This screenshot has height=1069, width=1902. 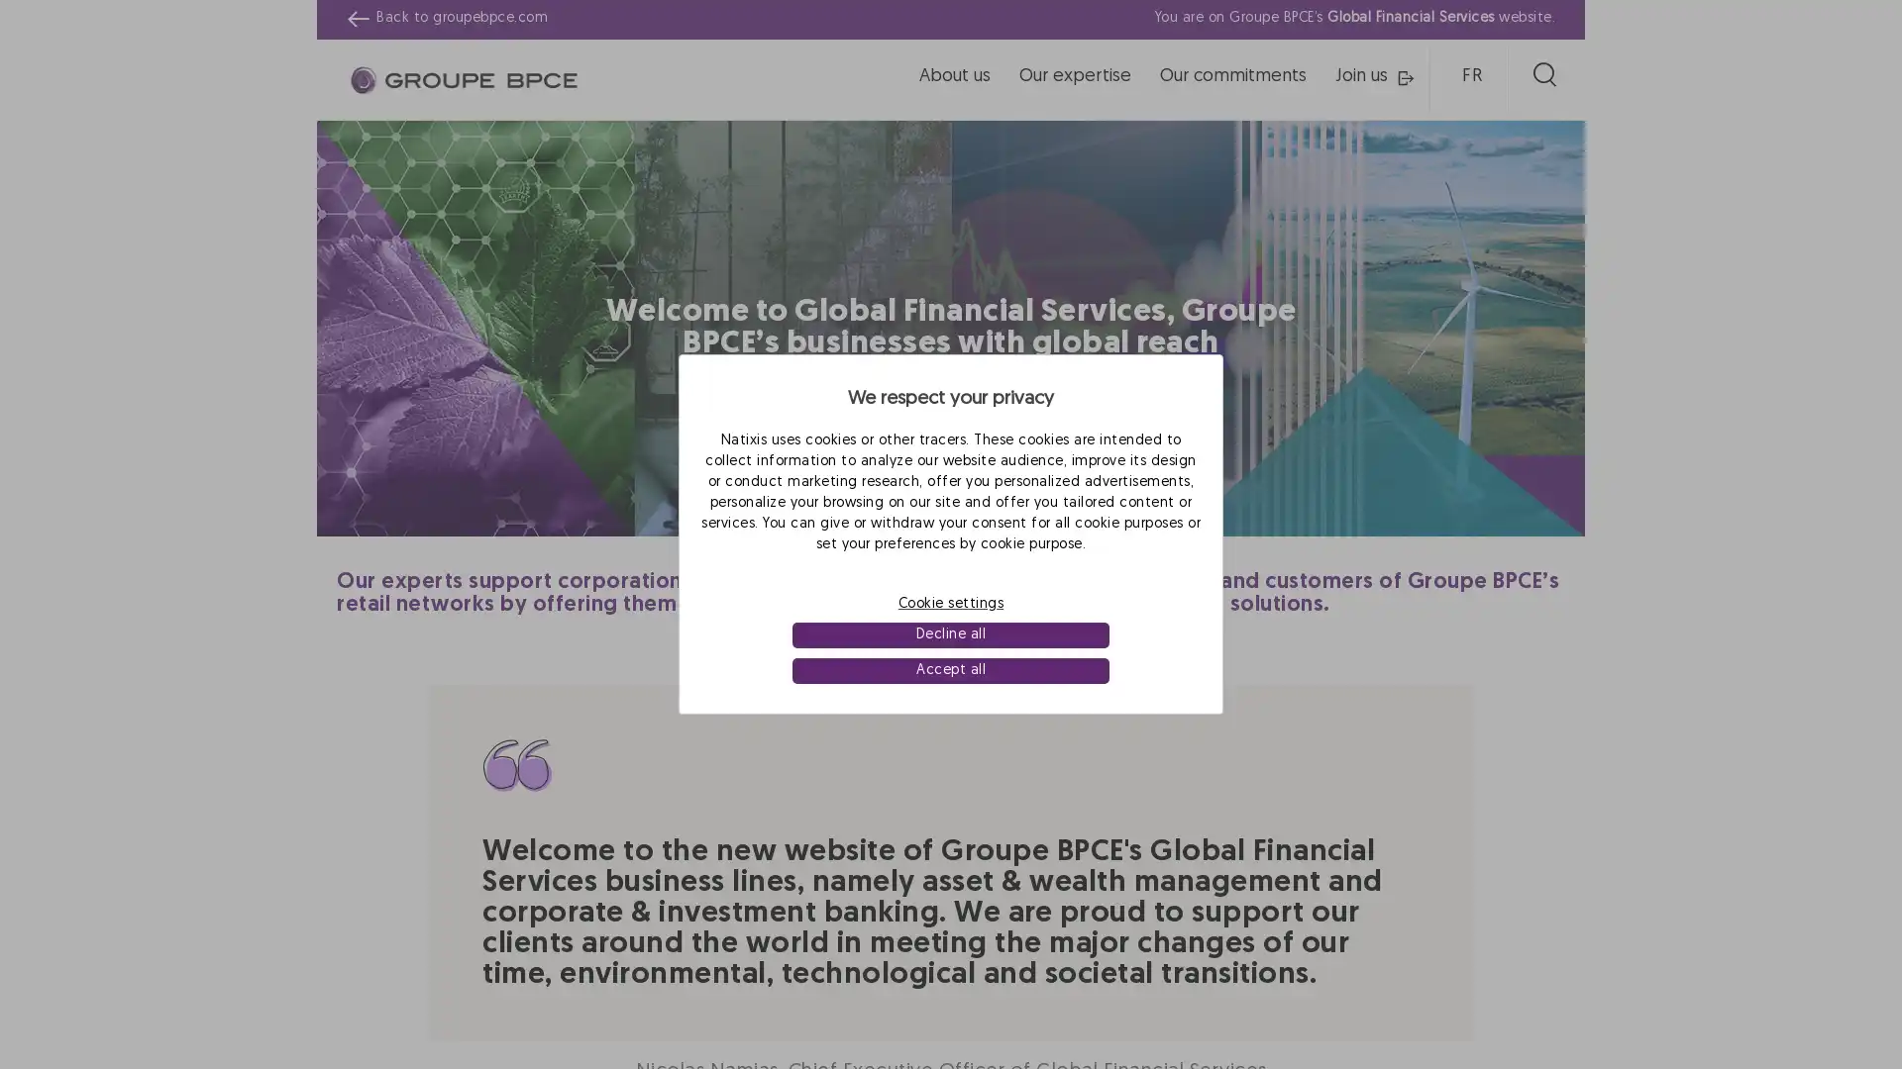 I want to click on Accept all, so click(x=949, y=670).